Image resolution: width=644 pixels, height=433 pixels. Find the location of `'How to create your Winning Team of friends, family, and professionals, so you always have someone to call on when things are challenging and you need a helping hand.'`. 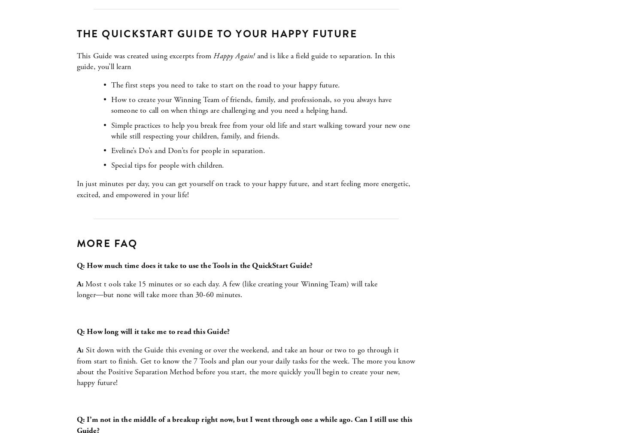

'How to create your Winning Team of friends, family, and professionals, so you always have someone to call on when things are challenging and you need a helping hand.' is located at coordinates (252, 105).